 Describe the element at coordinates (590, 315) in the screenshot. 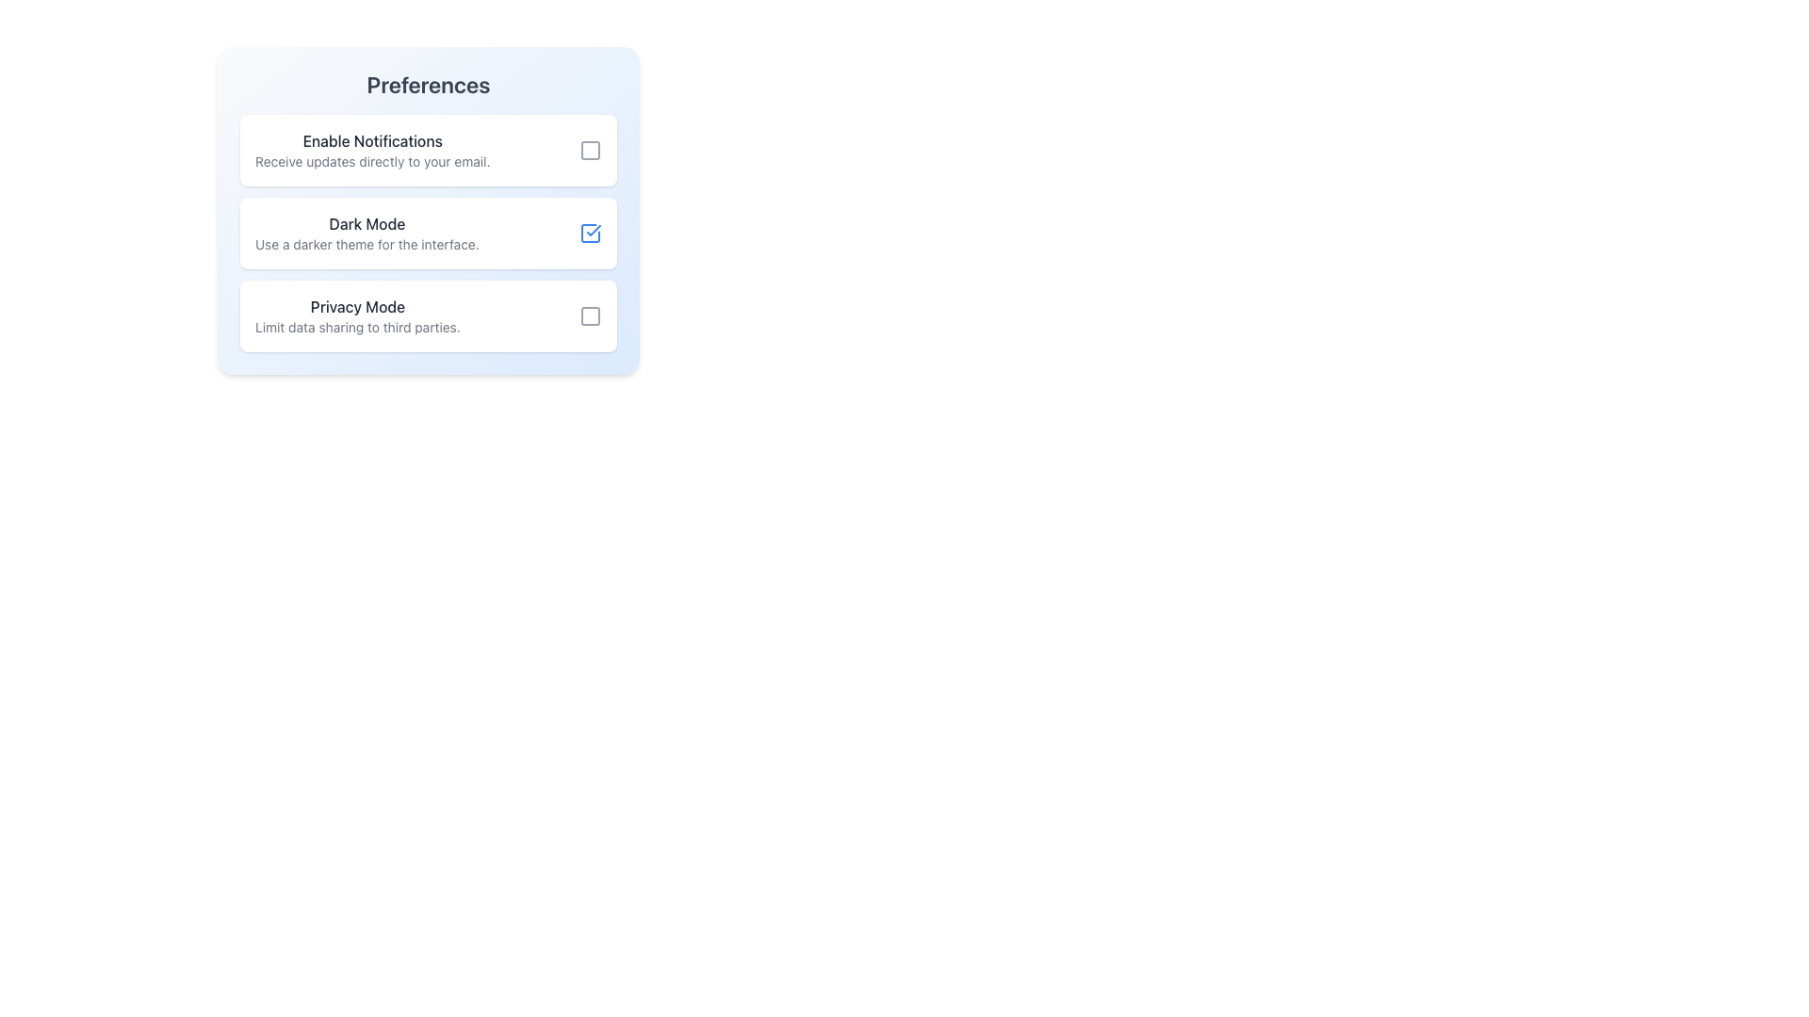

I see `the checkbox to the right of the 'Privacy Mode' text in the Preferences section` at that location.